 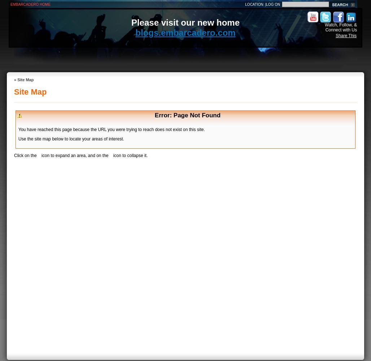 I want to click on 'You have reached this page because the URL you were trying to reach
	      does not exist on this site.', so click(x=112, y=129).